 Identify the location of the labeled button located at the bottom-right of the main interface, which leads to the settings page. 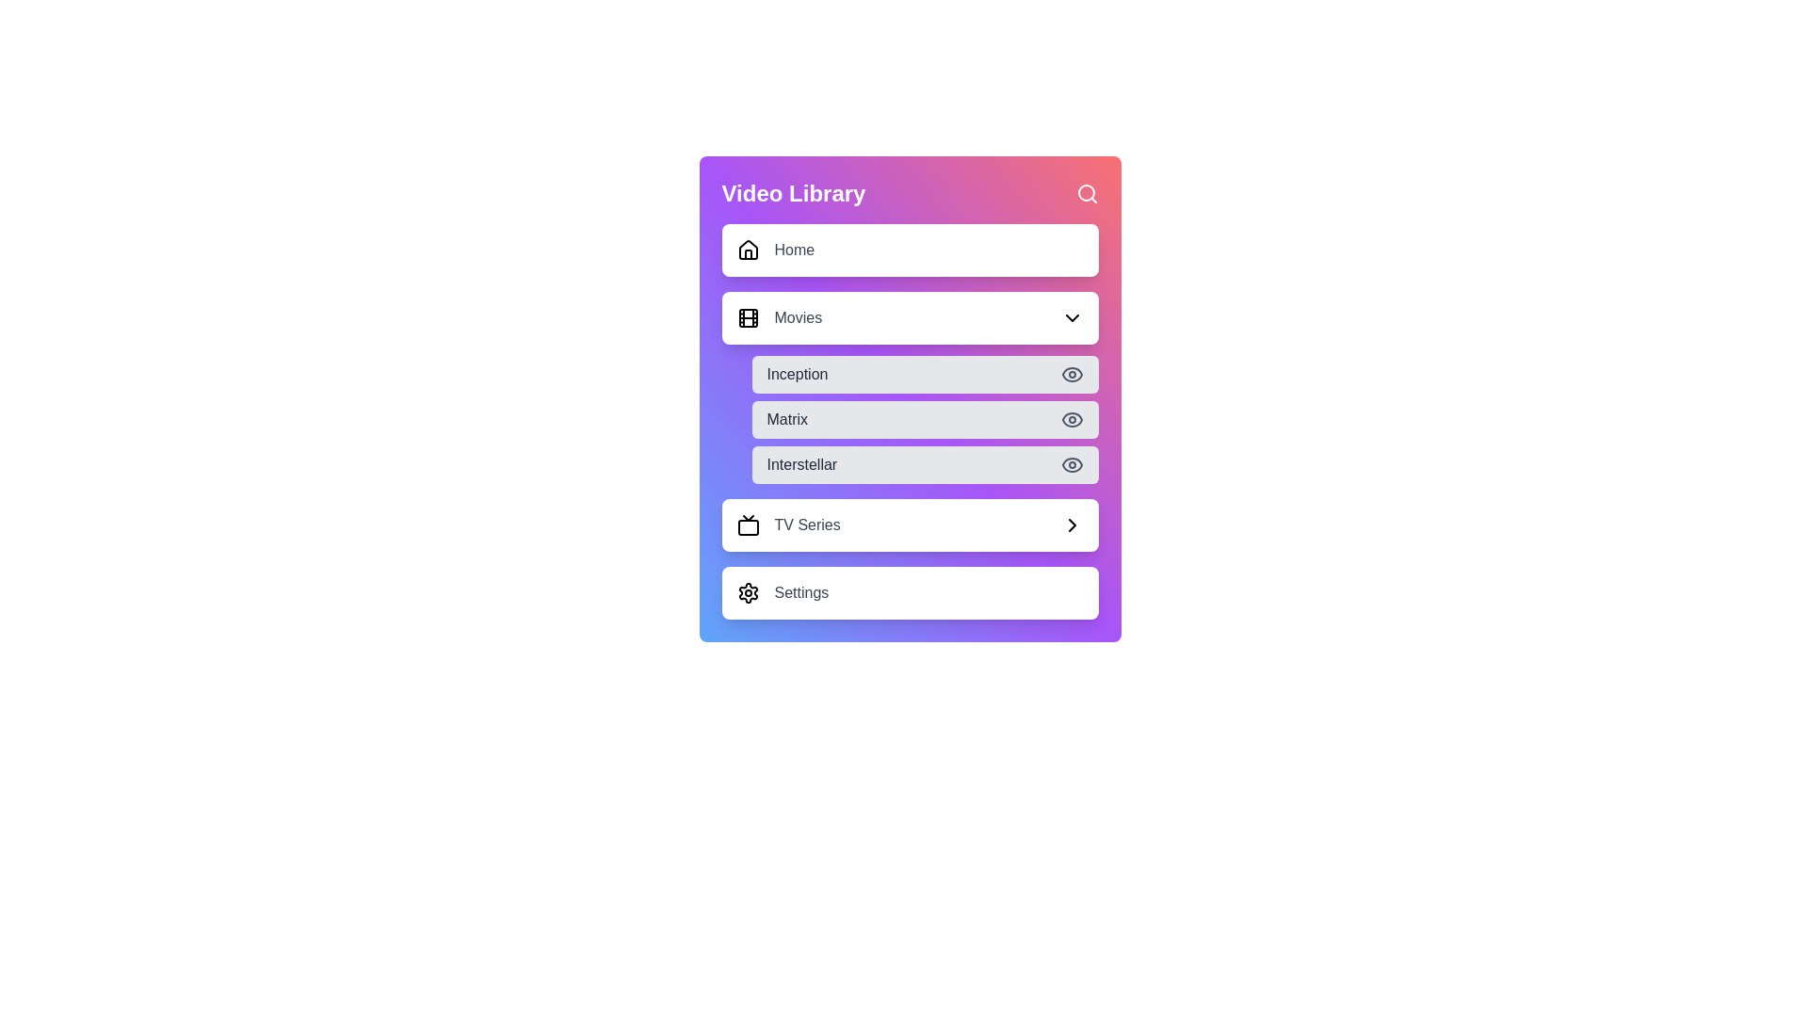
(783, 591).